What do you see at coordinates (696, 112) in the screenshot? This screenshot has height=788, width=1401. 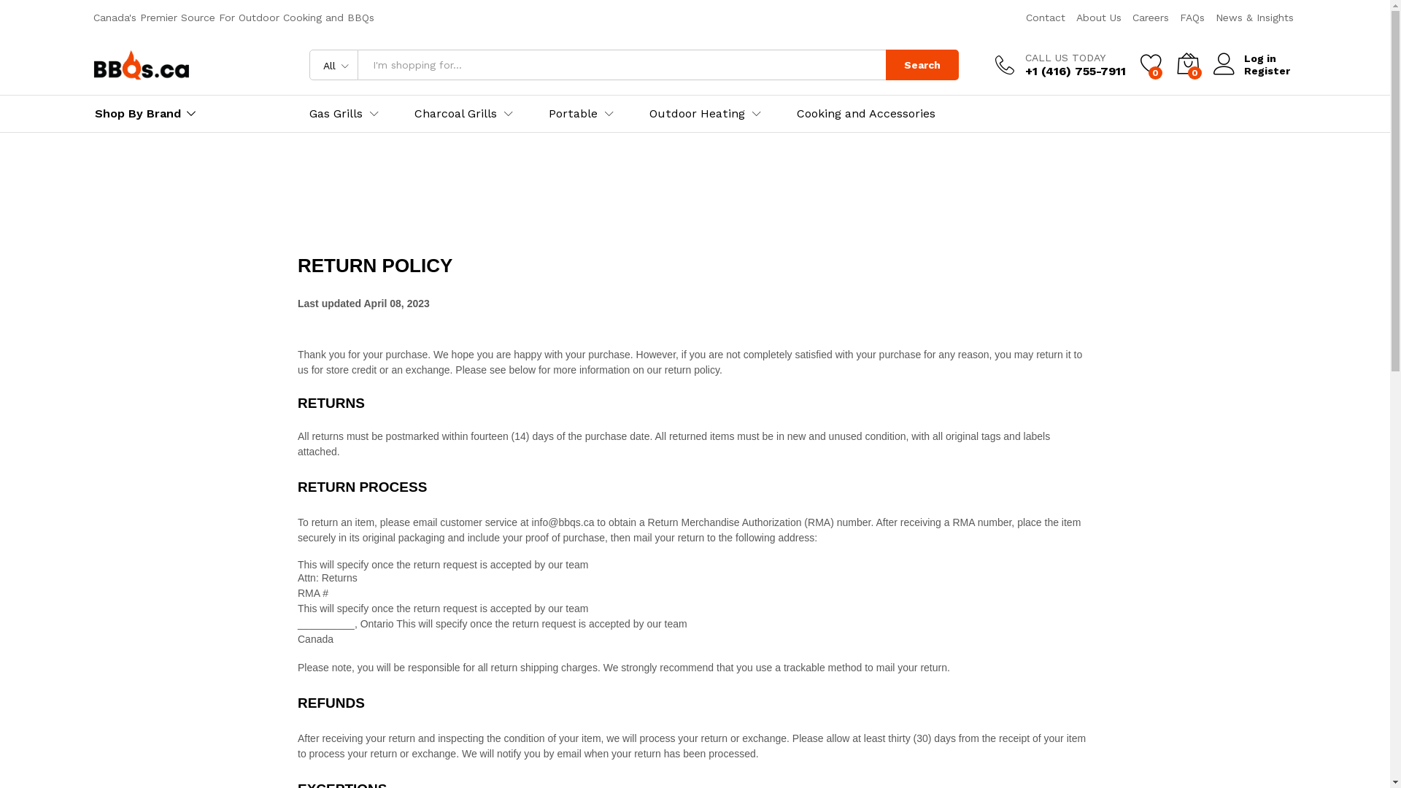 I see `'Outdoor Heating'` at bounding box center [696, 112].